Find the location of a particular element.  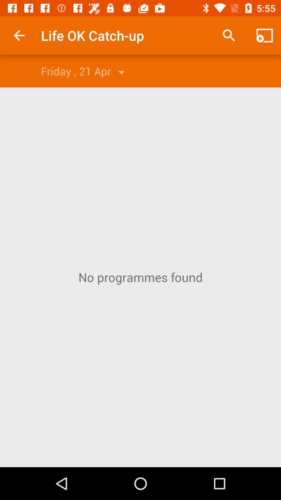

item above the no programmes found is located at coordinates (229, 35).